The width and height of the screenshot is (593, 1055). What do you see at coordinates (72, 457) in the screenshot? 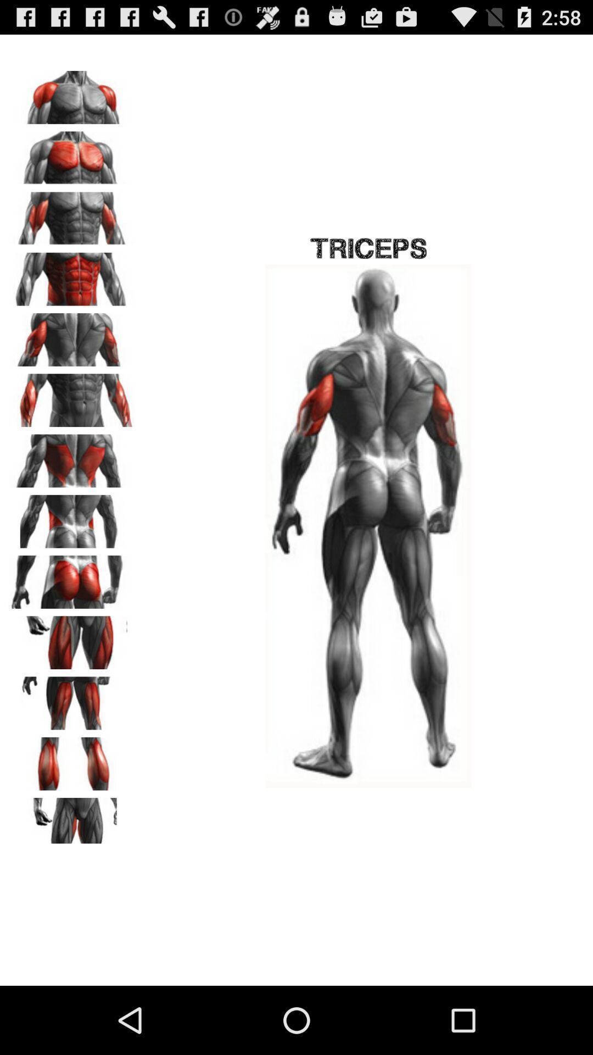
I see `this muscle group` at bounding box center [72, 457].